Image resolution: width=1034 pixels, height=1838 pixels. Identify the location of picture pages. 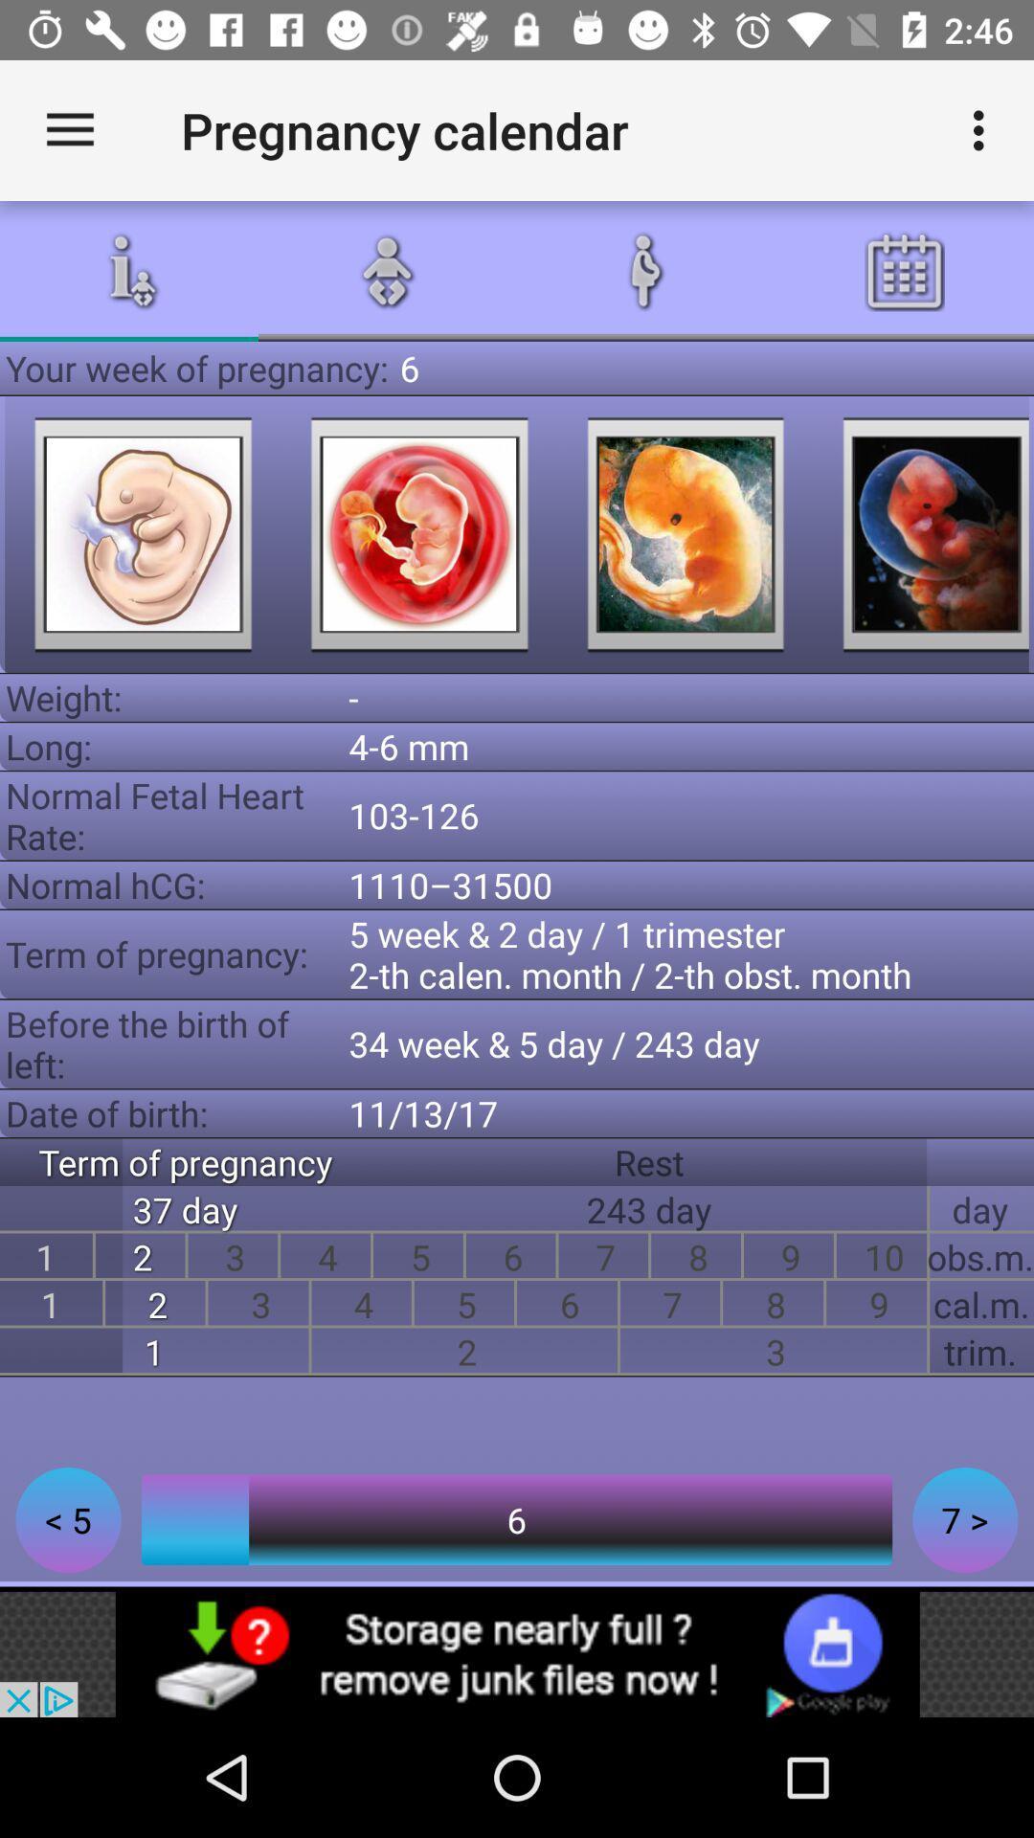
(142, 534).